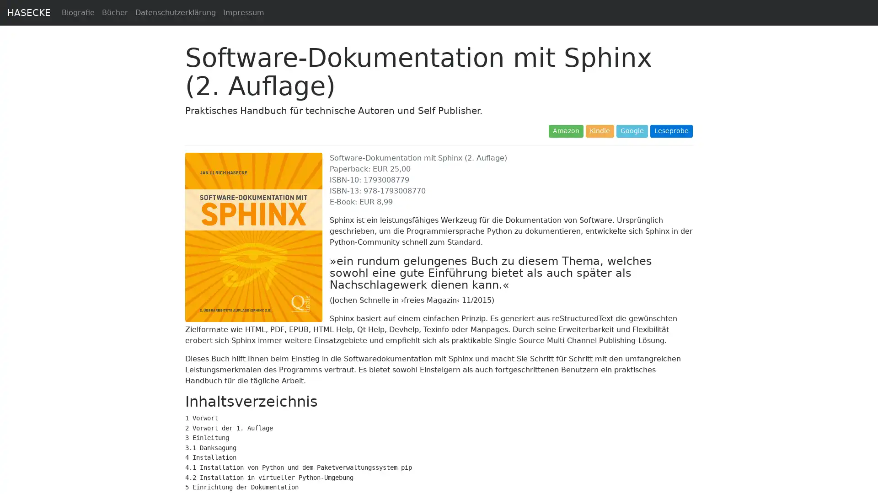 Image resolution: width=878 pixels, height=494 pixels. I want to click on Amazon, so click(566, 131).